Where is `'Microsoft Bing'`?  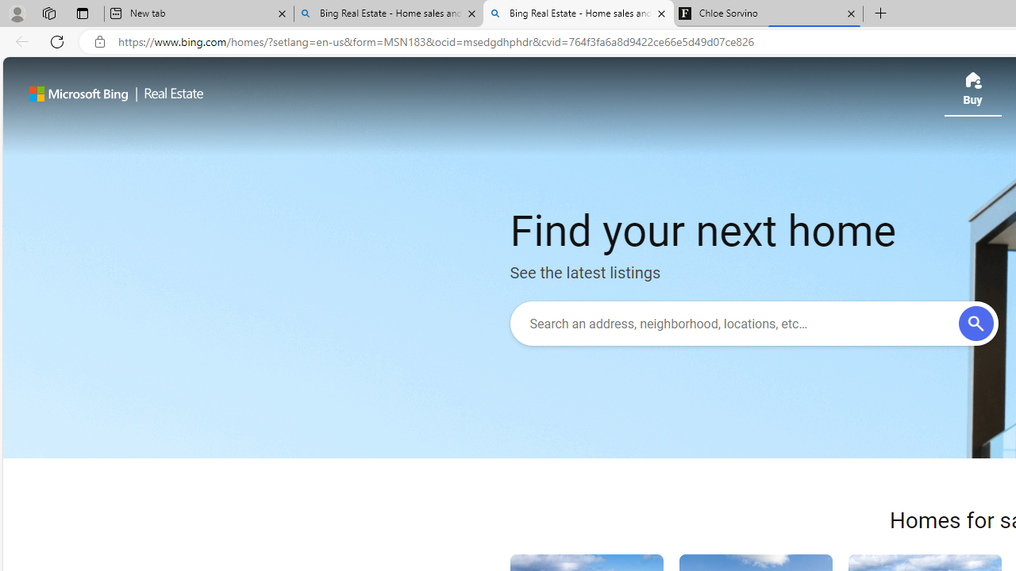
'Microsoft Bing' is located at coordinates (78, 94).